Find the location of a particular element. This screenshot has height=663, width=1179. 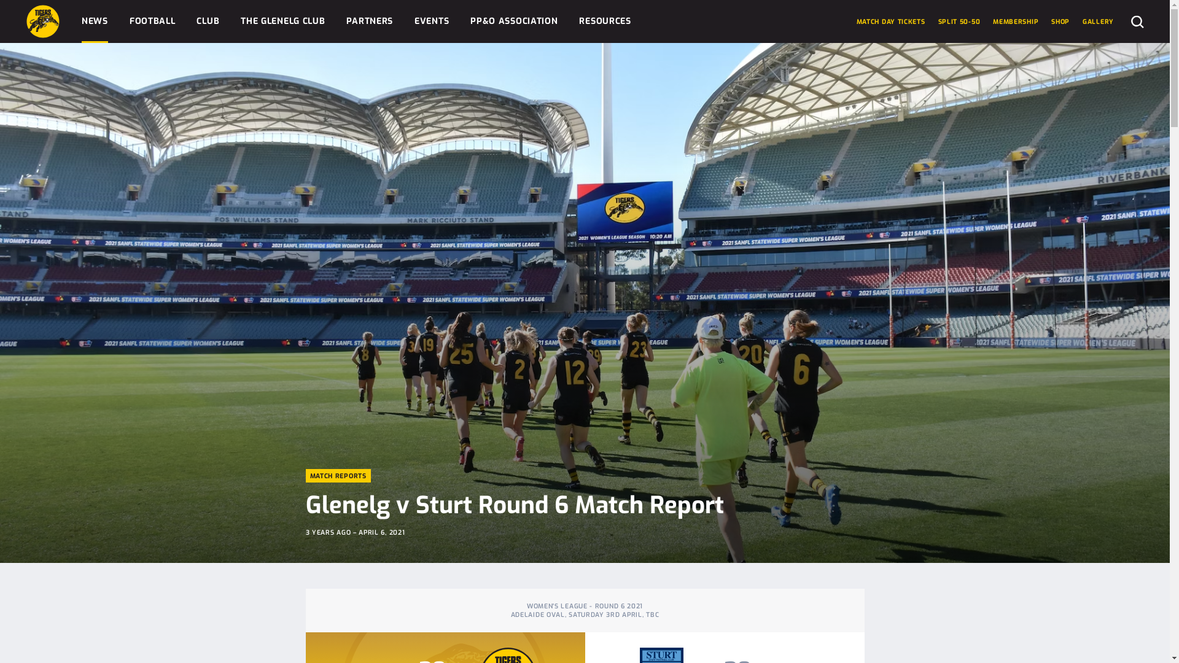

'Search' is located at coordinates (1130, 21).